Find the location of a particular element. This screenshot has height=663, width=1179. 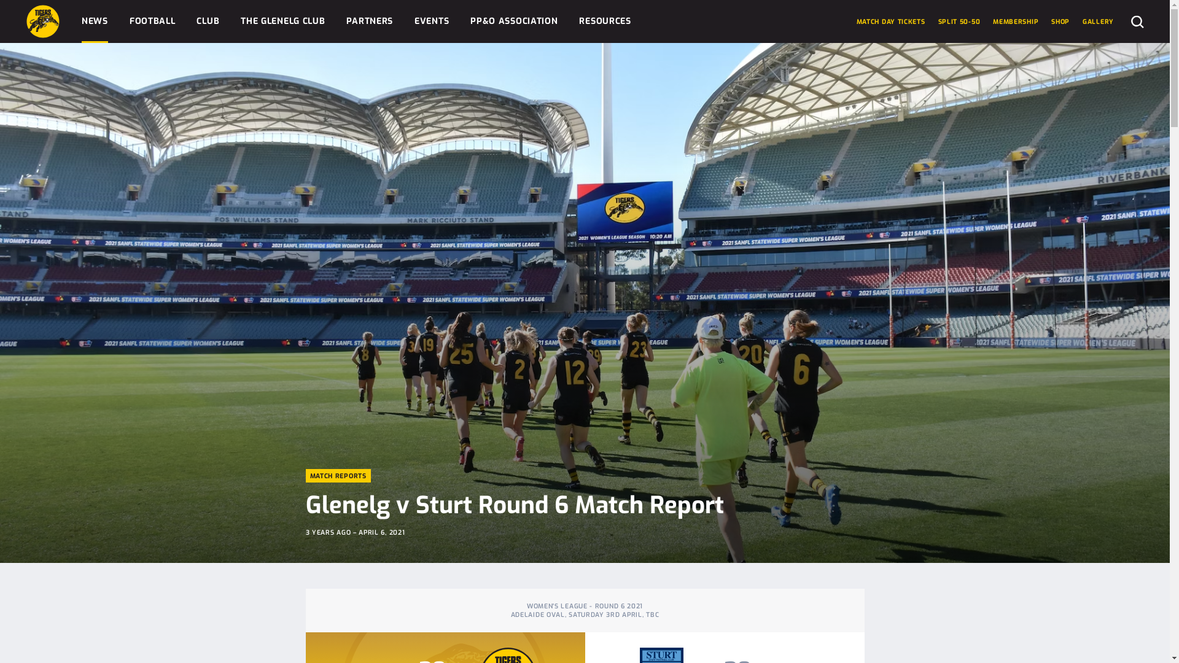

'Search' is located at coordinates (1130, 21).